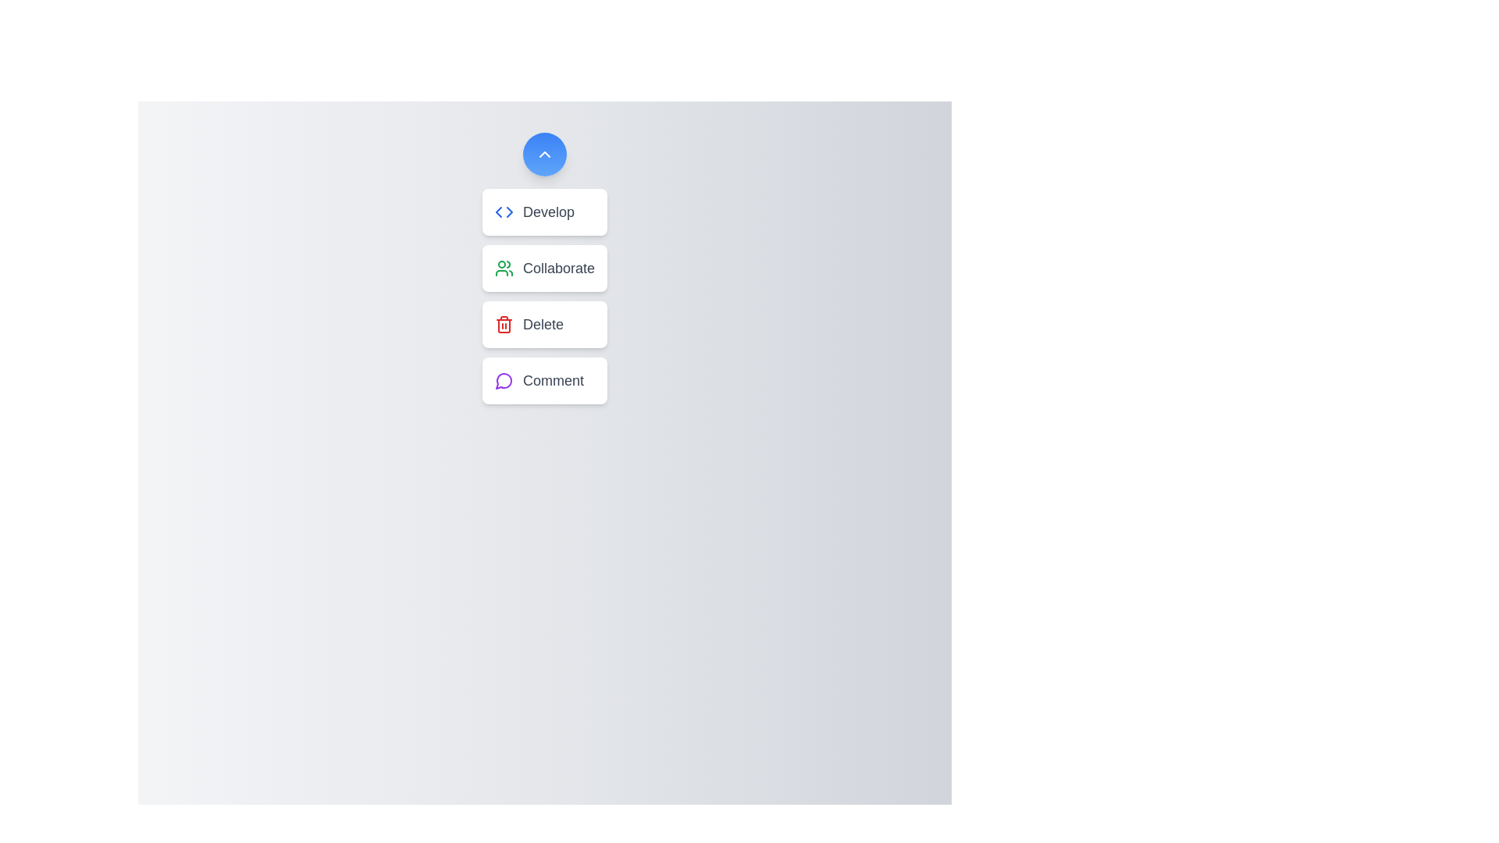 Image resolution: width=1499 pixels, height=843 pixels. I want to click on toggle button to change the menu visibility, so click(544, 154).